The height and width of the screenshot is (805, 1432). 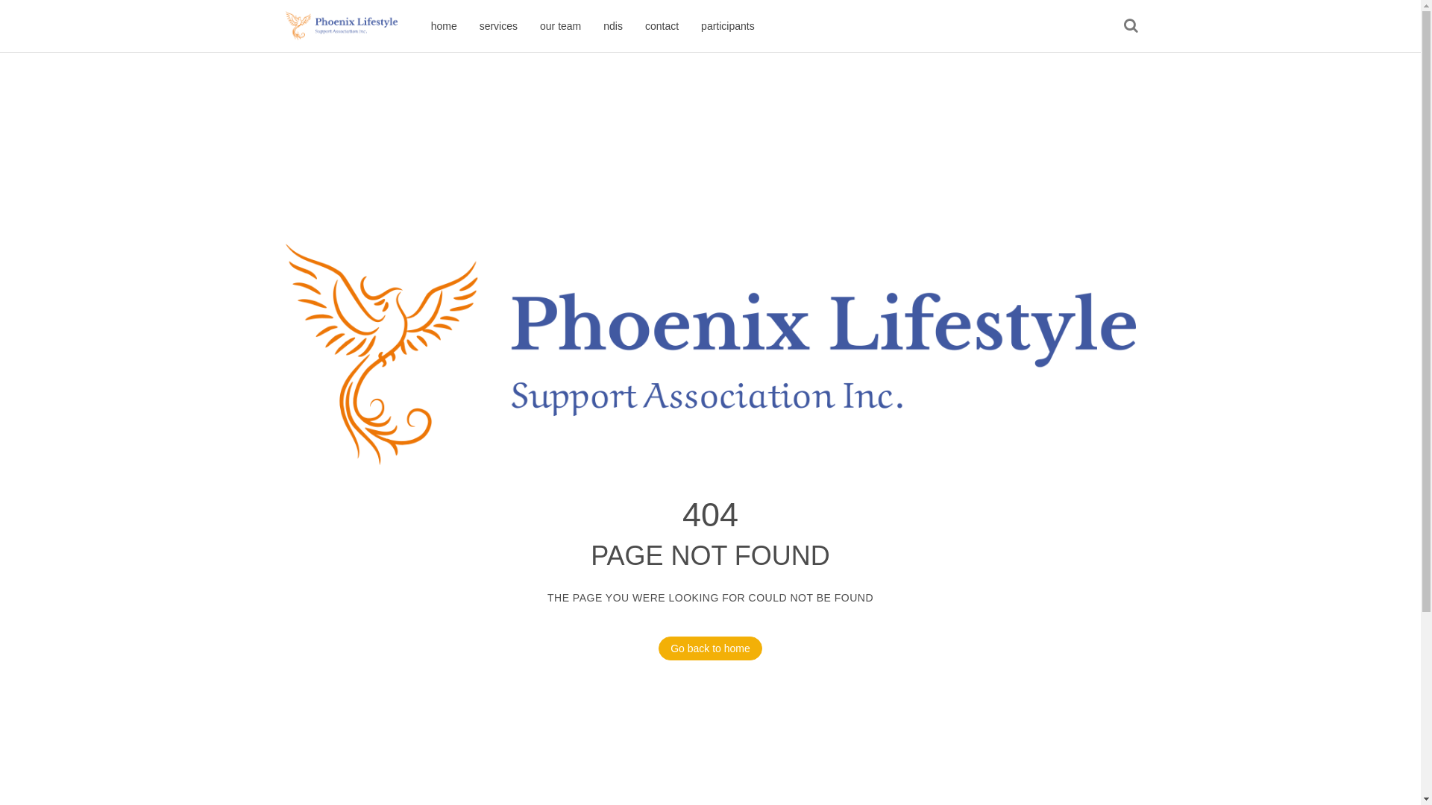 I want to click on 'services', so click(x=468, y=25).